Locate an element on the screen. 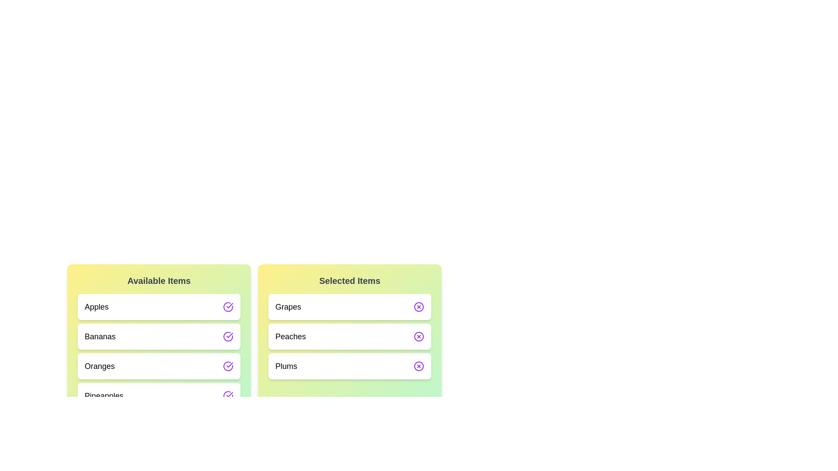  the transfer button next to Apples in the 'Available Items' list to move it to the 'Selected Items' list is located at coordinates (228, 307).